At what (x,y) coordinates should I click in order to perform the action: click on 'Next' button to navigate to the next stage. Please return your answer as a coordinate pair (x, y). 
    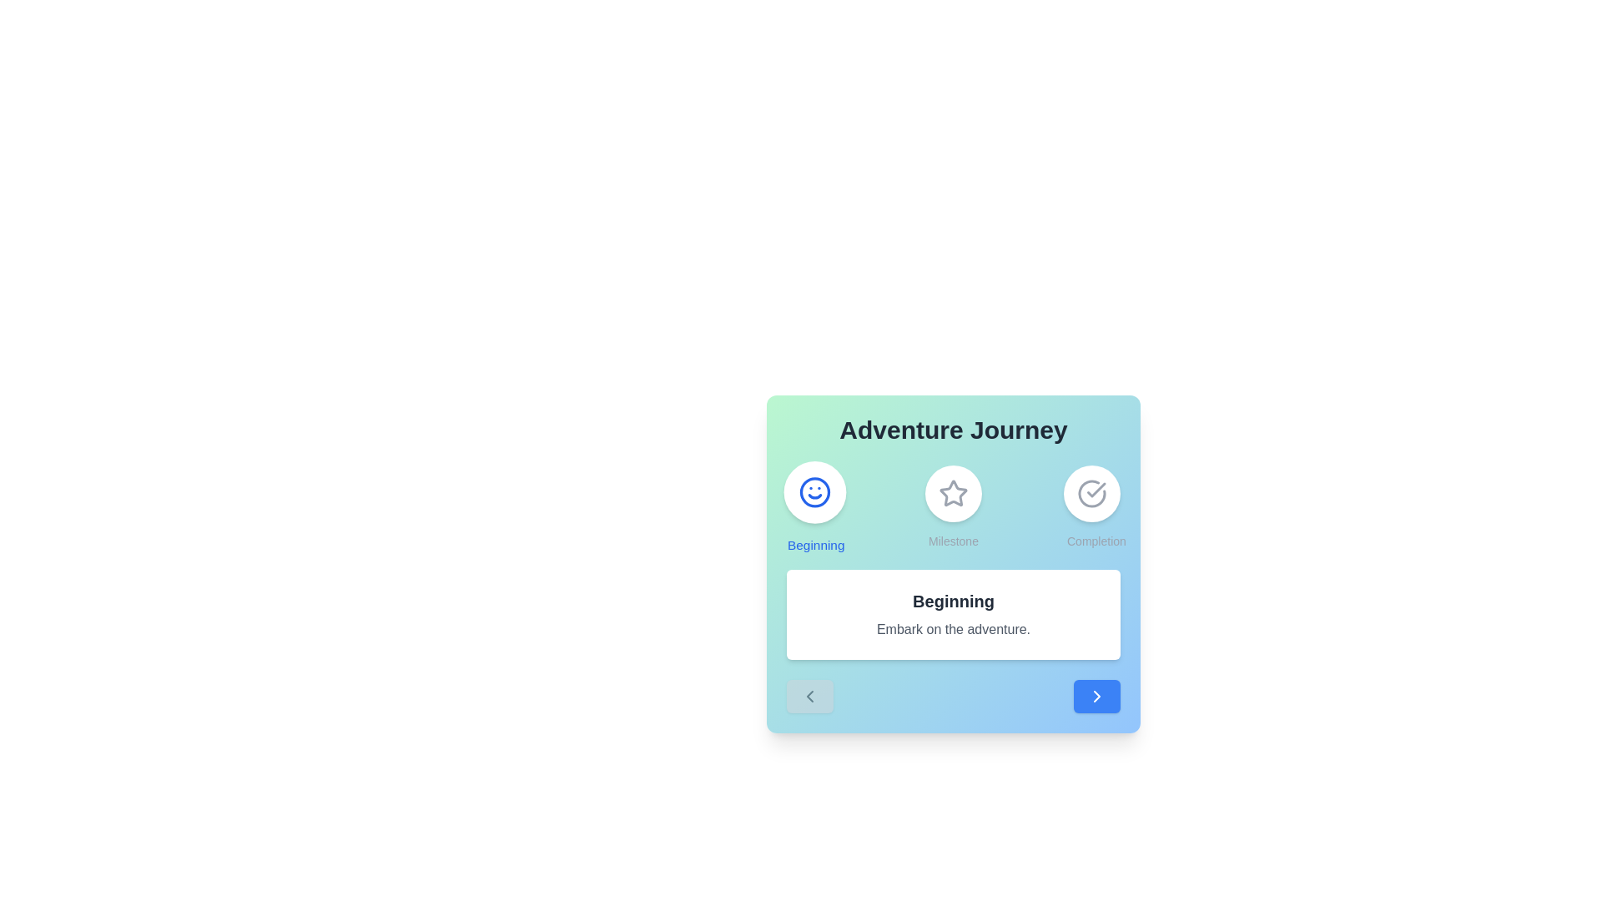
    Looking at the image, I should click on (1097, 696).